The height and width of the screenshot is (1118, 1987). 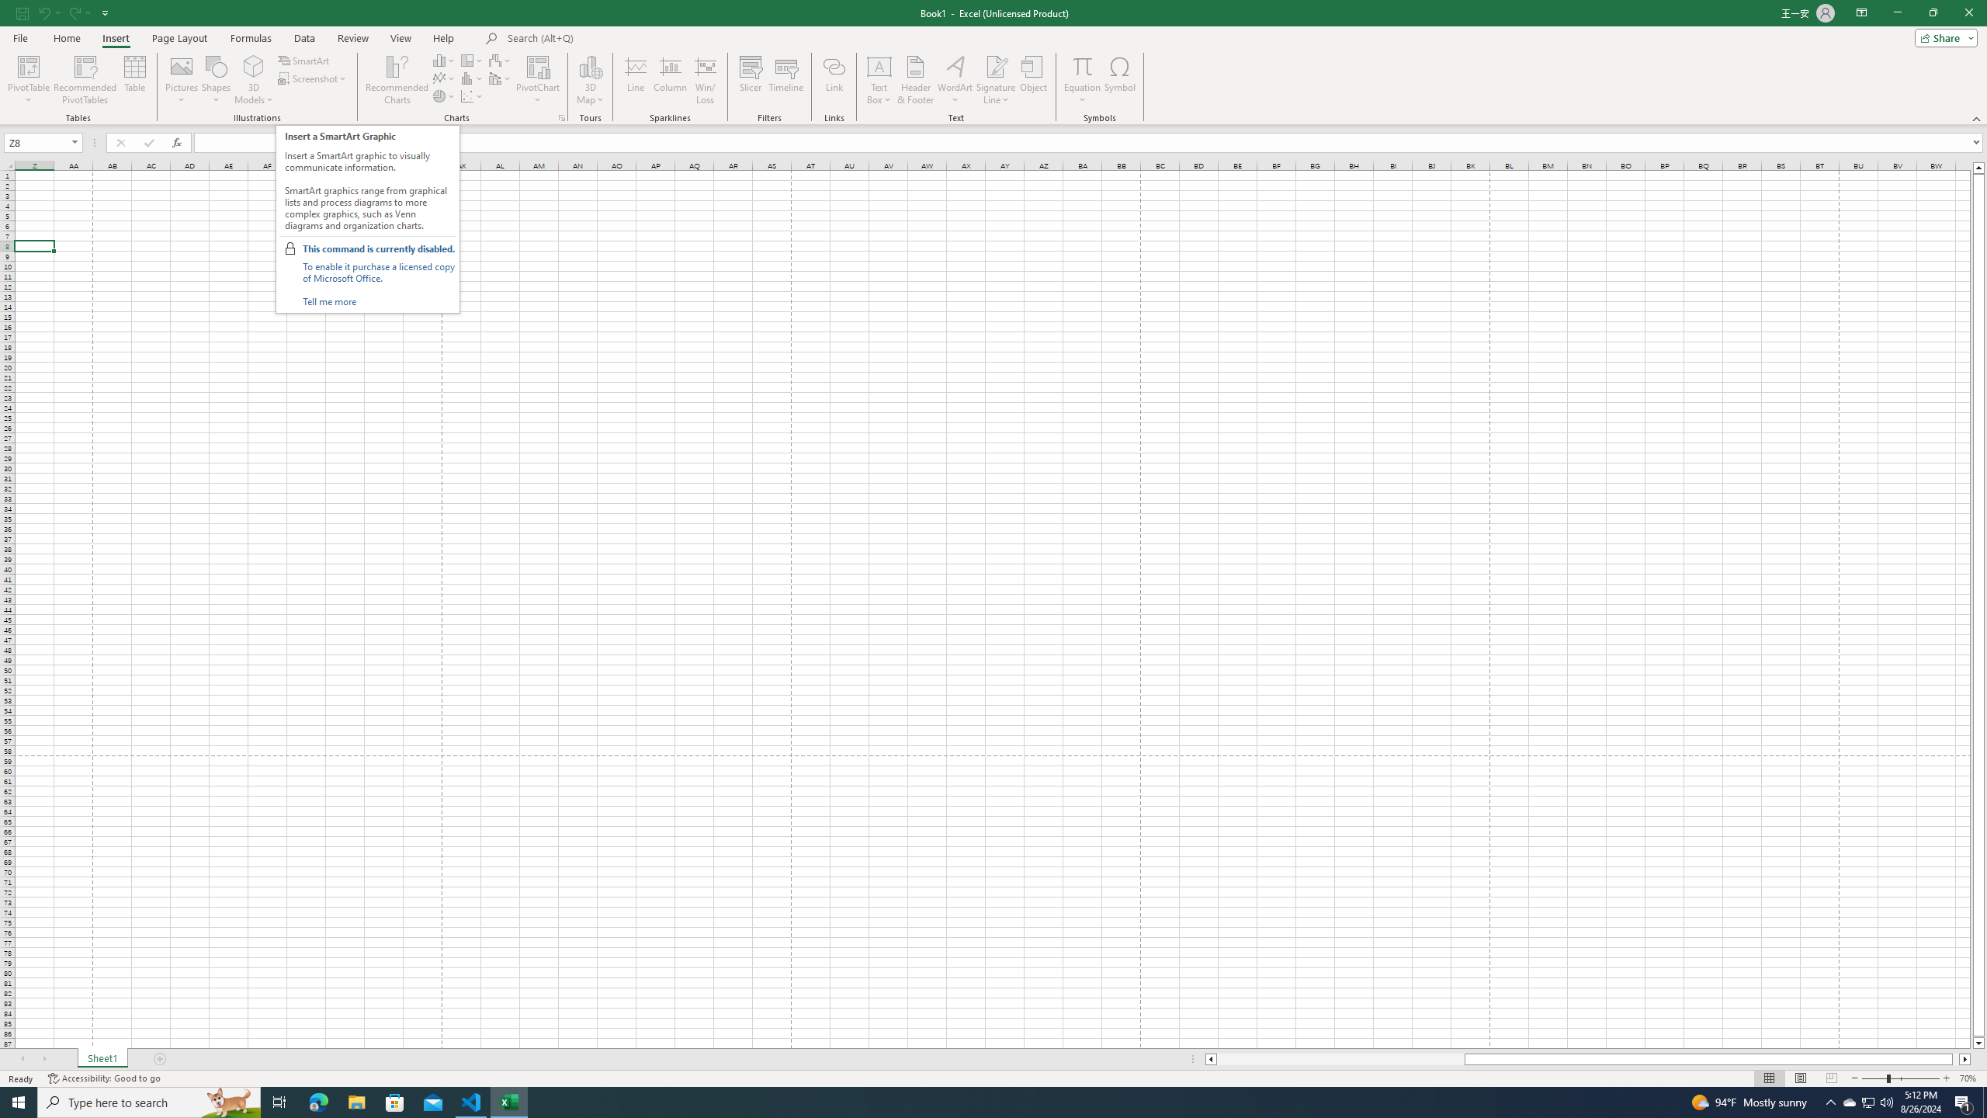 What do you see at coordinates (614, 38) in the screenshot?
I see `'Microsoft search'` at bounding box center [614, 38].